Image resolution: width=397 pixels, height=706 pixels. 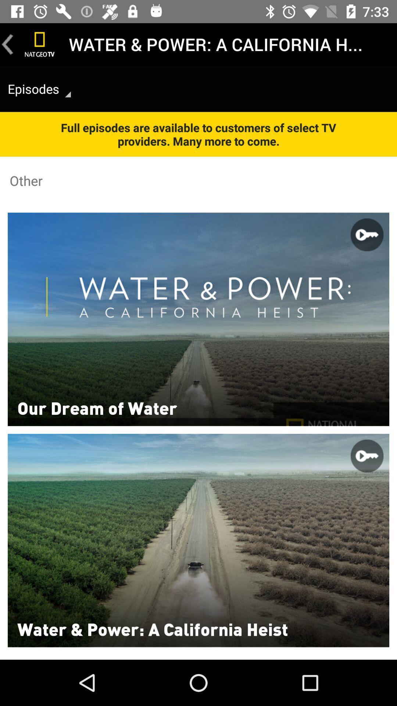 I want to click on second key icon from top, so click(x=367, y=456).